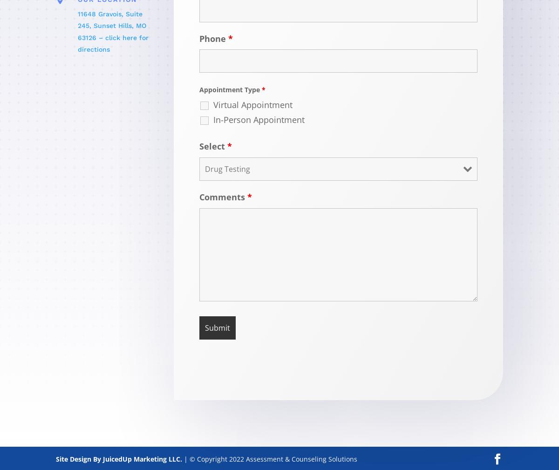 This screenshot has height=470, width=559. I want to click on 'Comments', so click(199, 196).